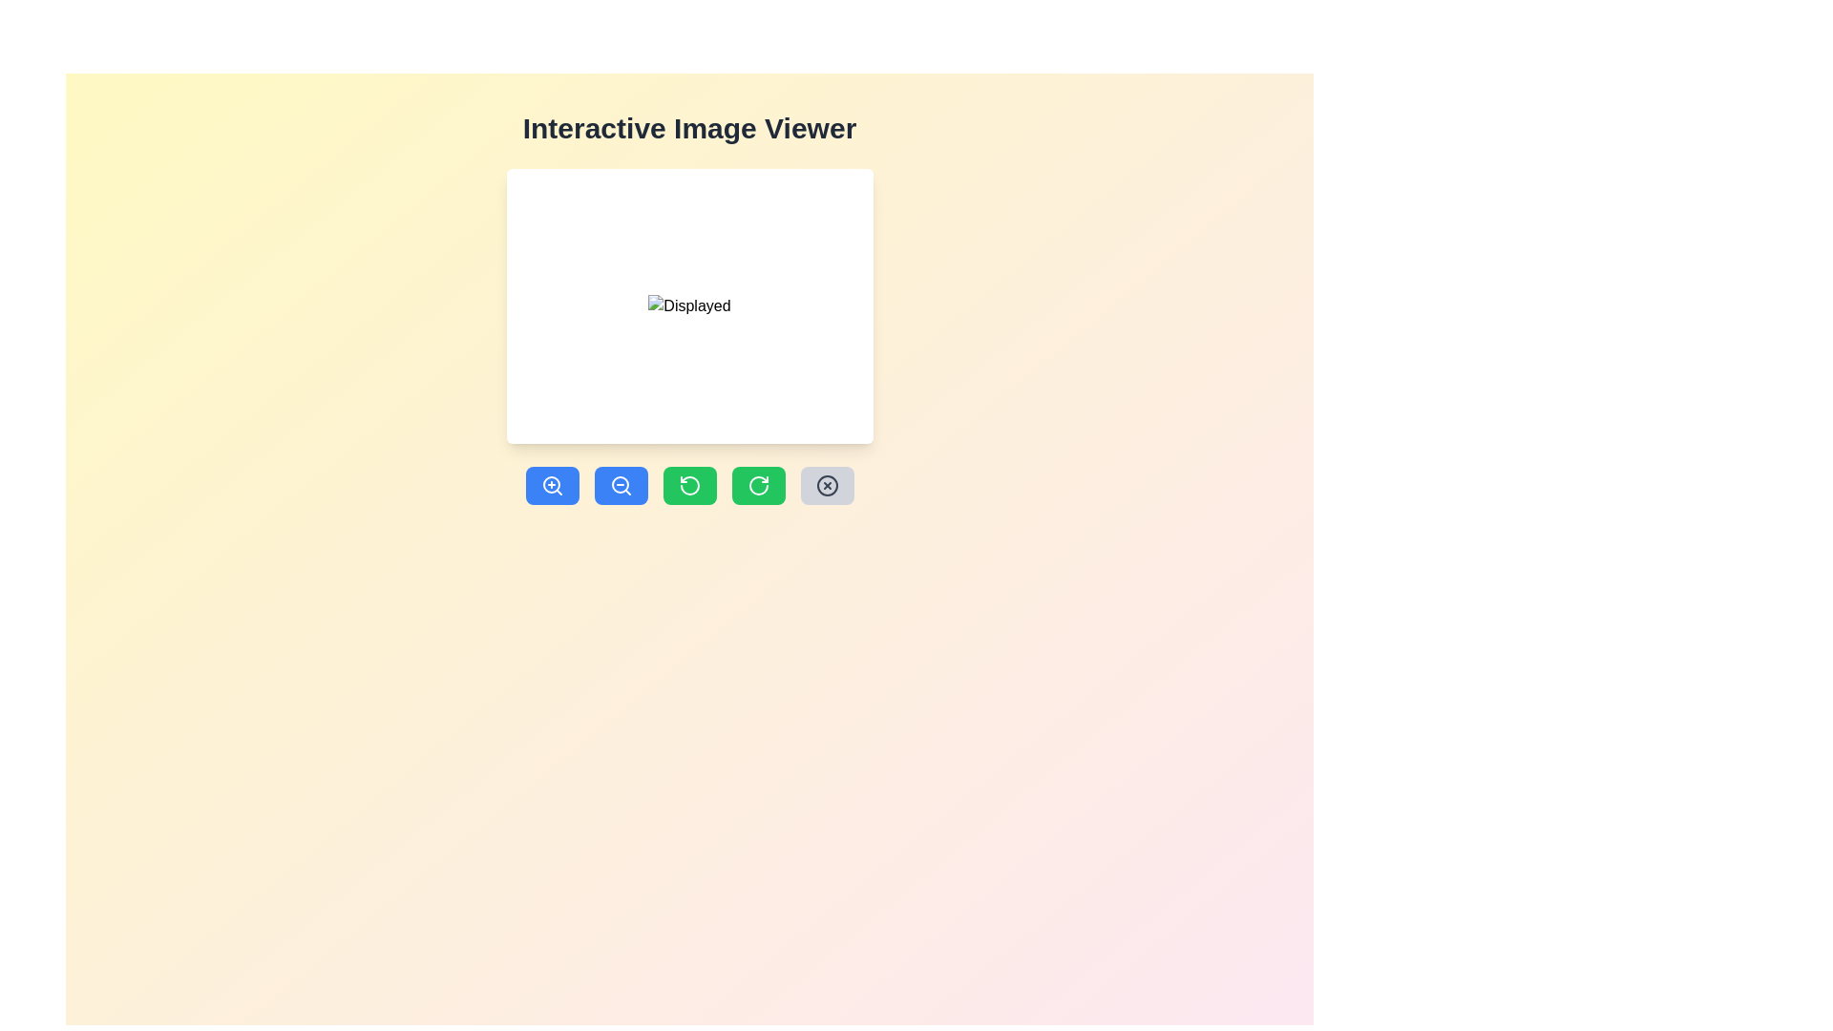  What do you see at coordinates (551, 485) in the screenshot?
I see `the leftmost zoom-in button, which is represented by a magnifying glass icon with a '+' symbol inside a circular frame and has a blue background` at bounding box center [551, 485].